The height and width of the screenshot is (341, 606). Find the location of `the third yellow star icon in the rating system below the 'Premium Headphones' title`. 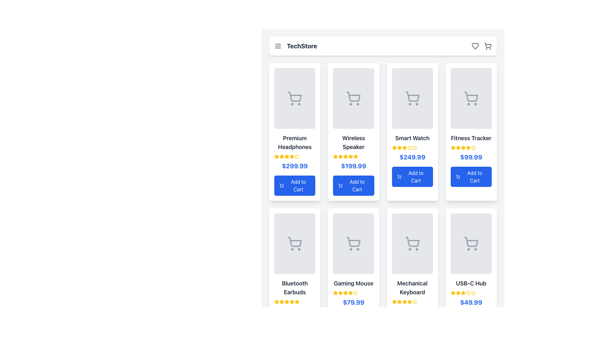

the third yellow star icon in the rating system below the 'Premium Headphones' title is located at coordinates (281, 156).